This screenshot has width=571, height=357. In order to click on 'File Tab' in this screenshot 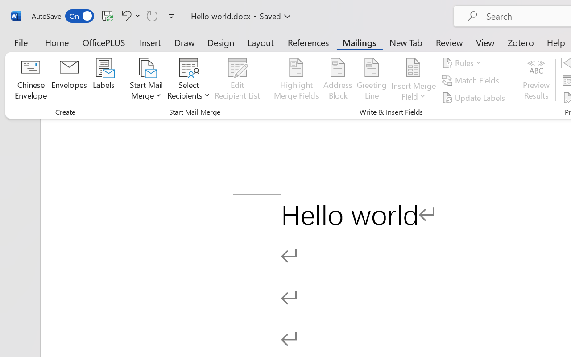, I will do `click(21, 42)`.